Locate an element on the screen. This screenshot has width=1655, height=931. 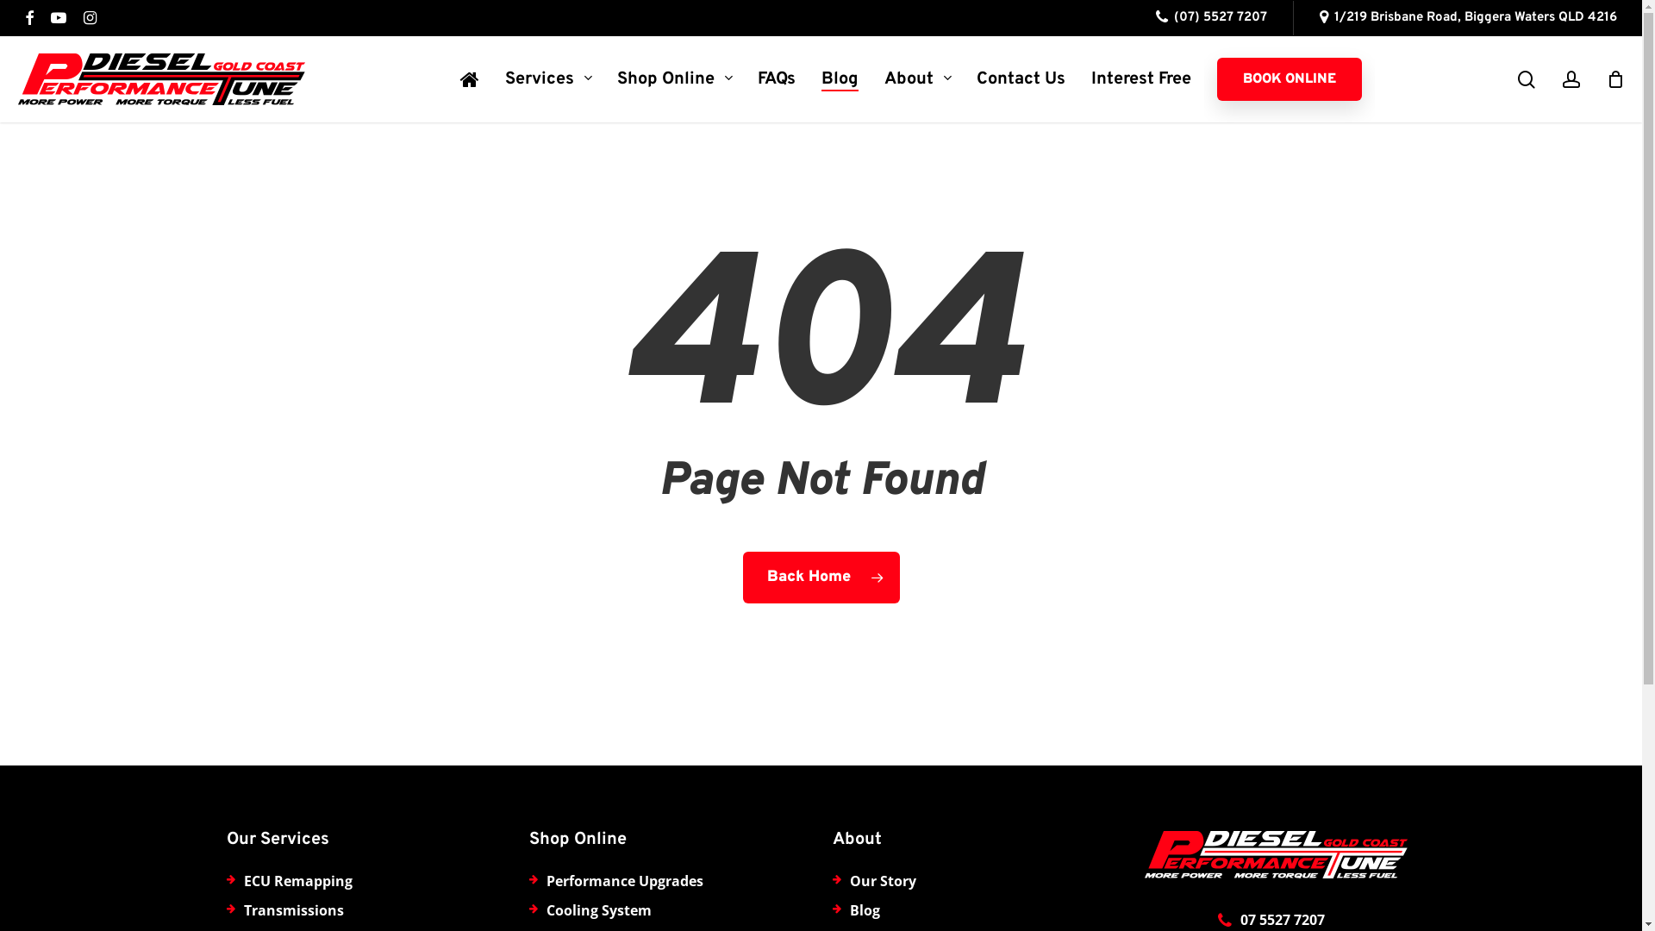
'account' is located at coordinates (1571, 79).